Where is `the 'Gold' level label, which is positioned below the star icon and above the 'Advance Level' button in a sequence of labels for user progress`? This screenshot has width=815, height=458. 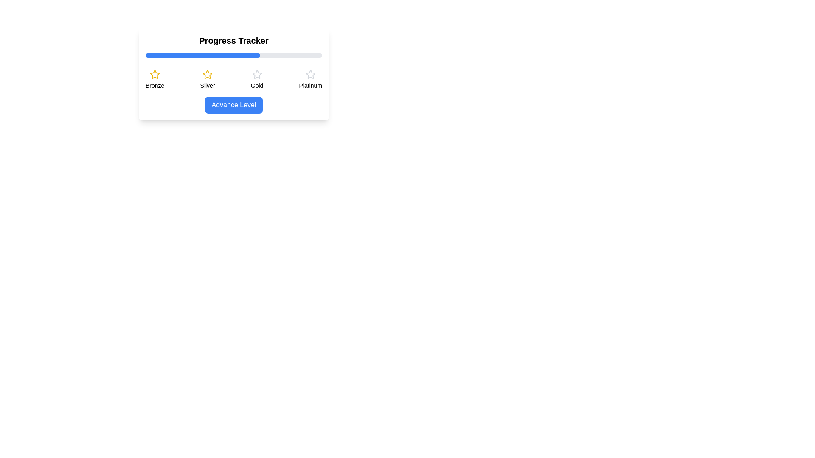
the 'Gold' level label, which is positioned below the star icon and above the 'Advance Level' button in a sequence of labels for user progress is located at coordinates (256, 85).